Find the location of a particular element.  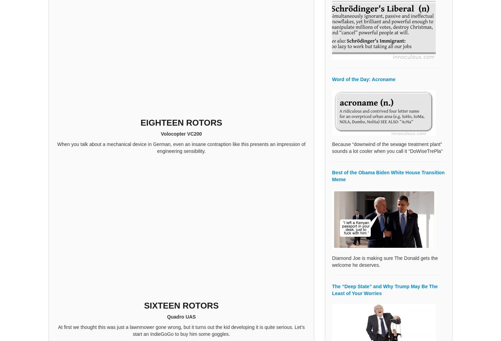

'Volocopter VC200' is located at coordinates (181, 133).